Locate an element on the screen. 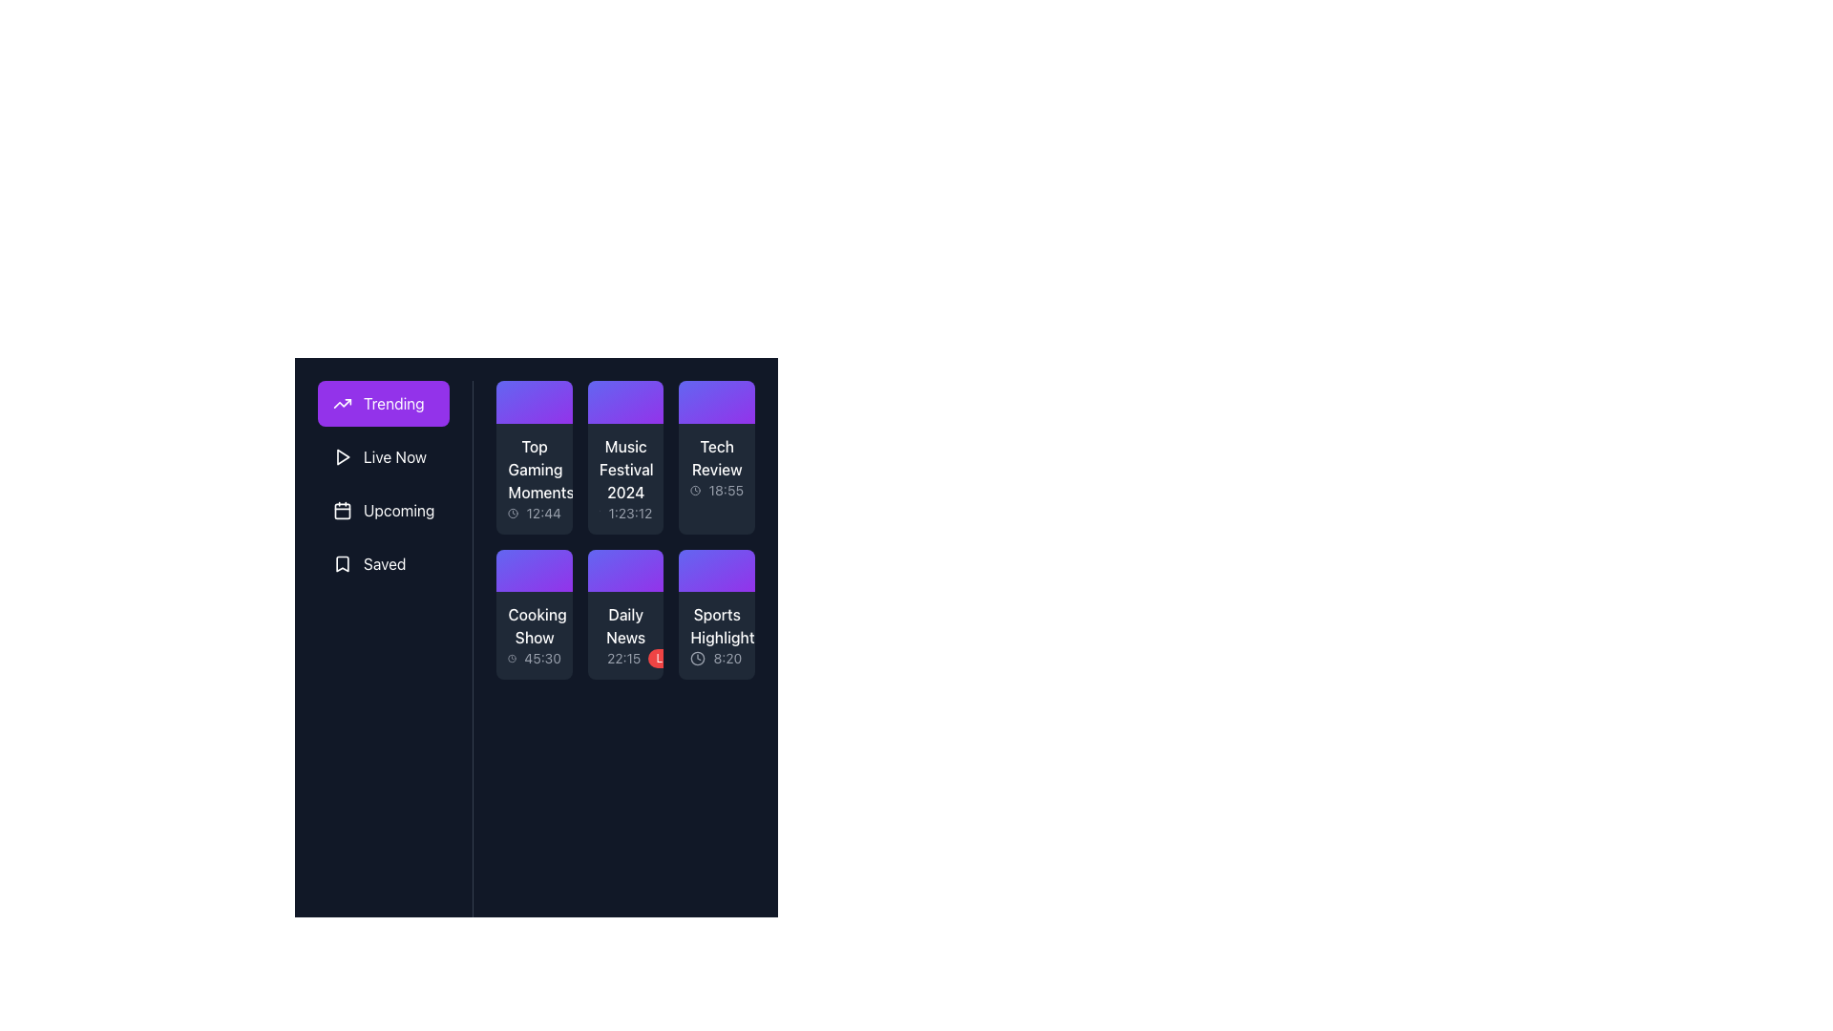 Image resolution: width=1833 pixels, height=1031 pixels. information displayed on the duration label located at the bottom-center of the 'Cooking Show' card in the second row and first column of the trending collection is located at coordinates (541, 658).